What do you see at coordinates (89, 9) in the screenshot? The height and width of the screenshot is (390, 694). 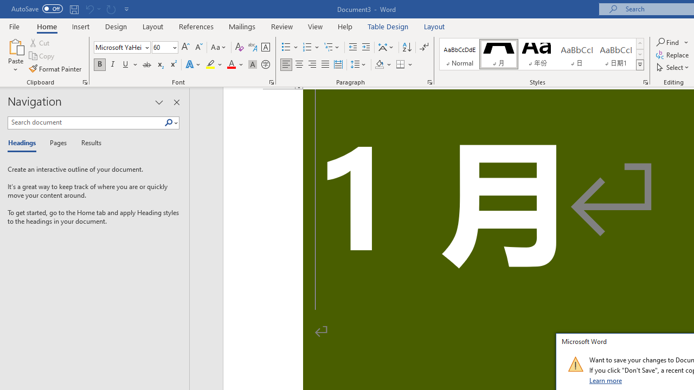 I see `'Can'` at bounding box center [89, 9].